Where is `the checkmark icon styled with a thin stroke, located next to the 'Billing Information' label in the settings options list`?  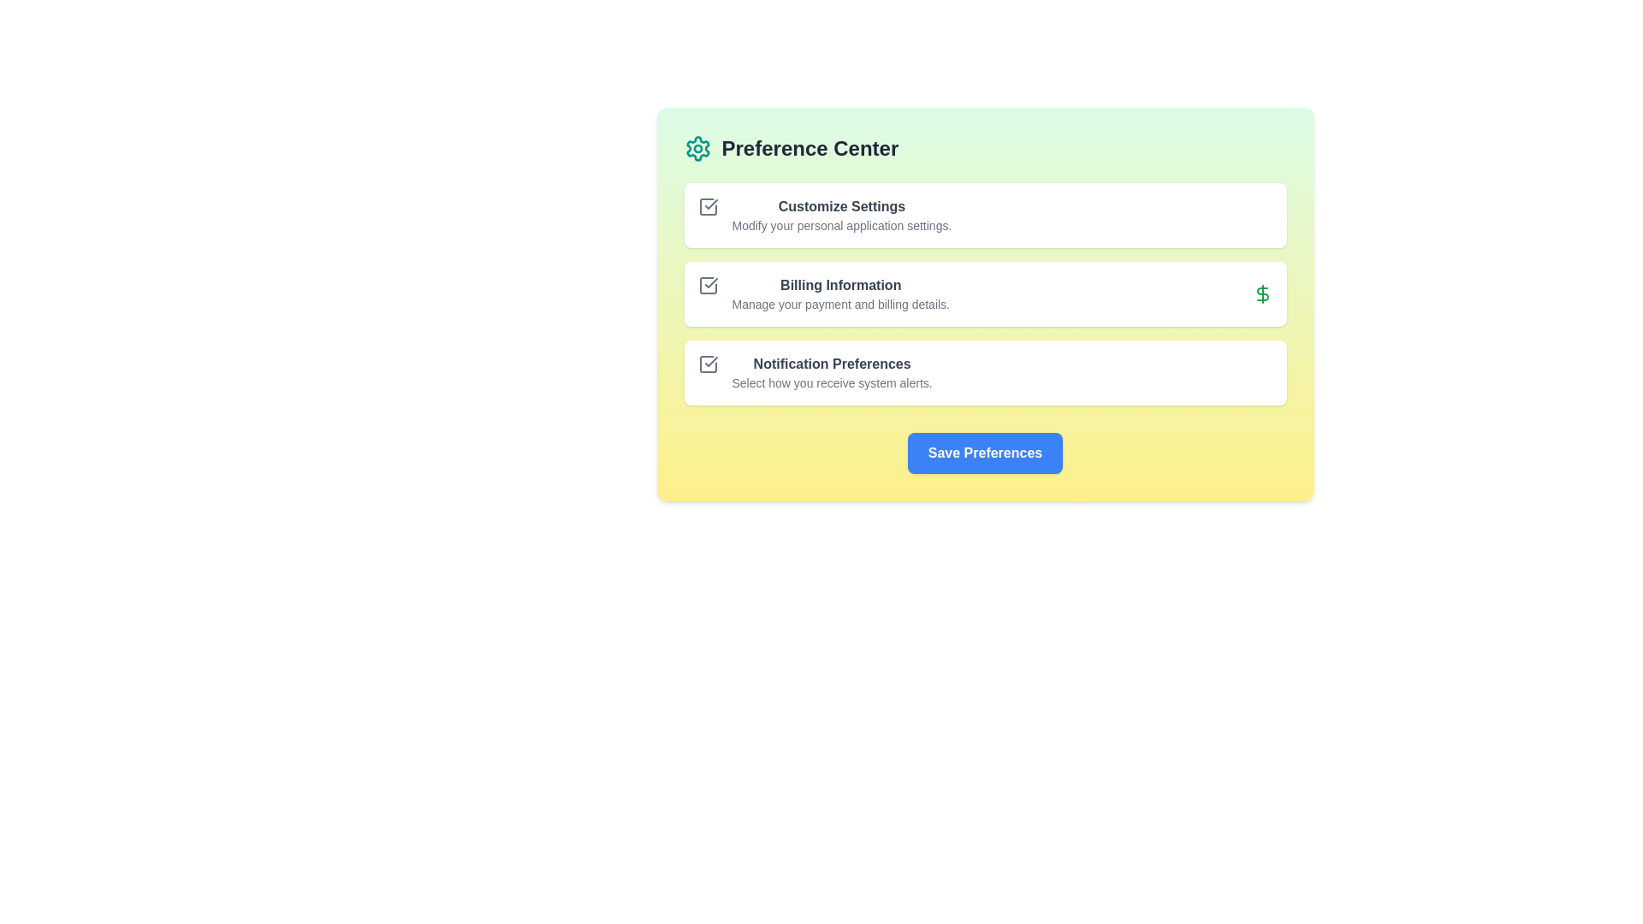 the checkmark icon styled with a thin stroke, located next to the 'Billing Information' label in the settings options list is located at coordinates (710, 282).